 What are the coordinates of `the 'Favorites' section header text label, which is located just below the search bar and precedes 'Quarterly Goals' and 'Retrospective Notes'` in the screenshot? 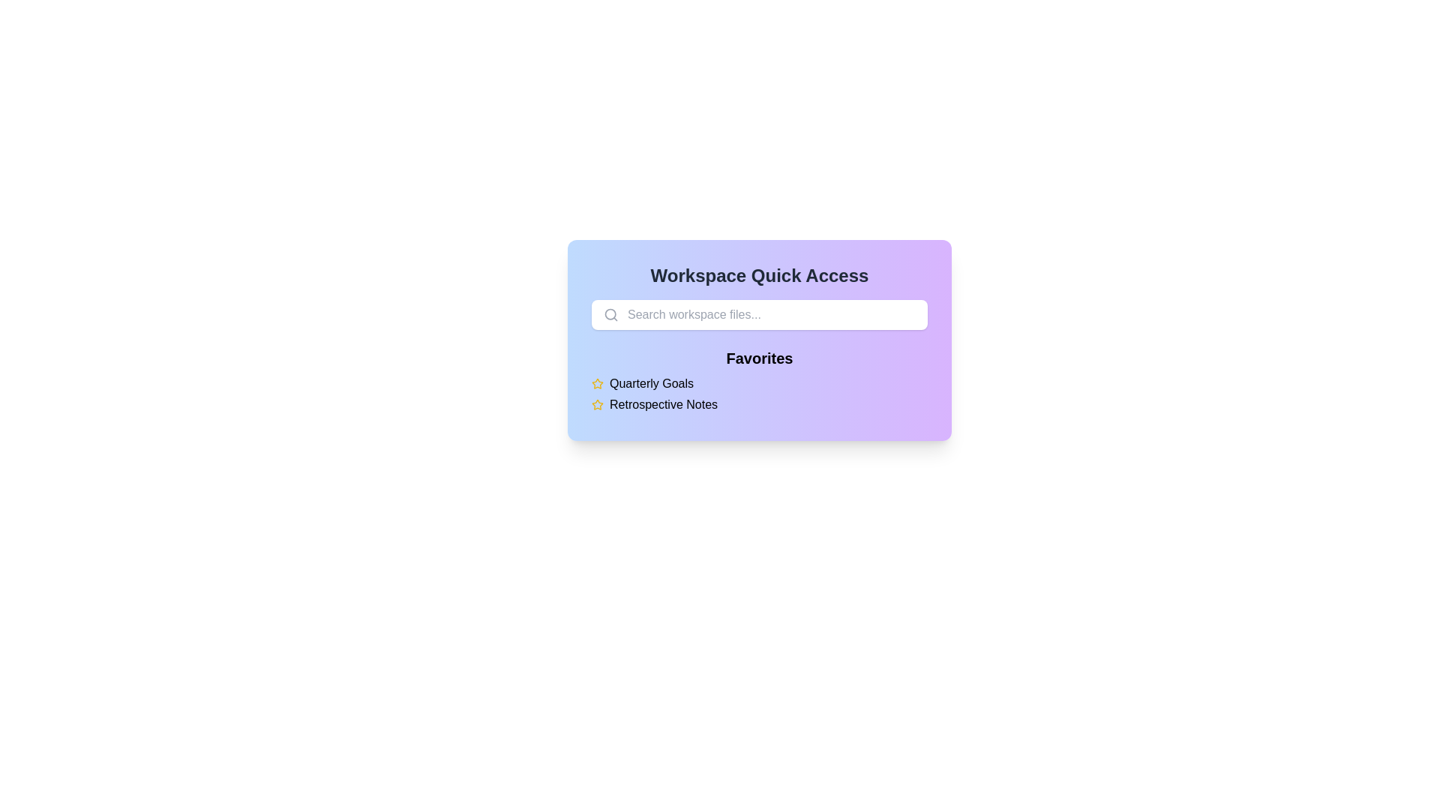 It's located at (759, 358).